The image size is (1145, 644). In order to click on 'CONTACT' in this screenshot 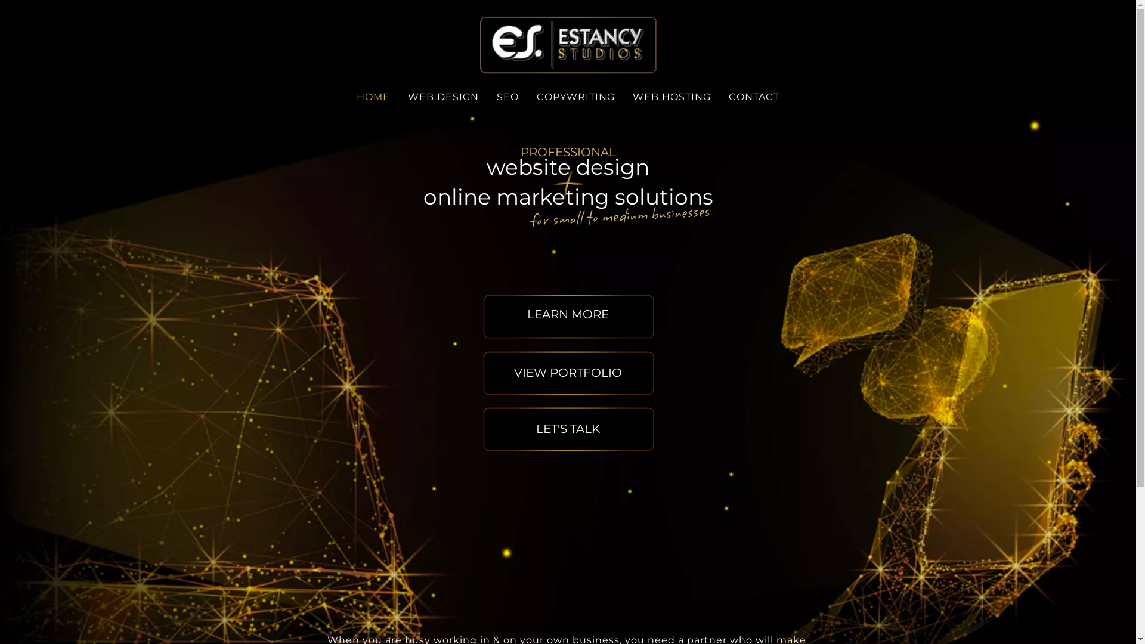, I will do `click(753, 96)`.